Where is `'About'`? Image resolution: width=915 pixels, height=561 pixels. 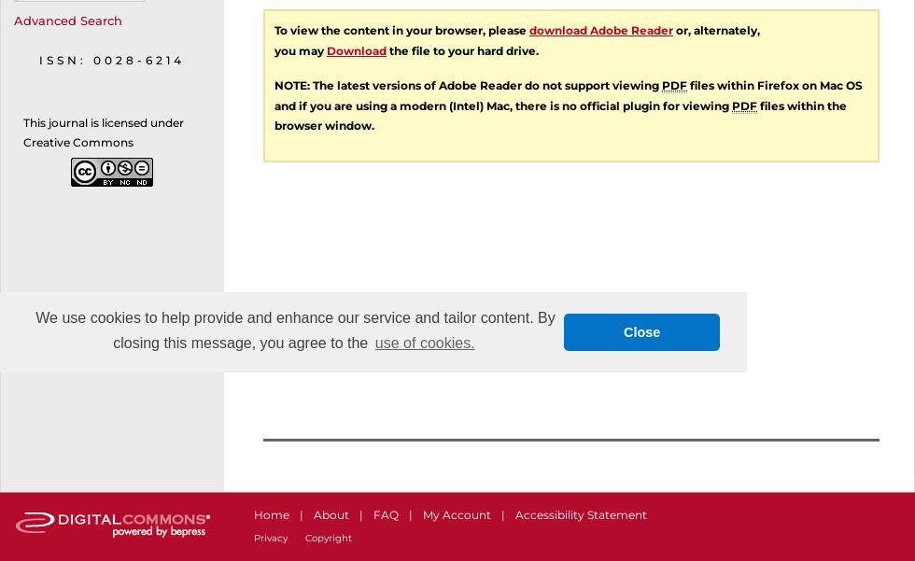 'About' is located at coordinates (331, 514).